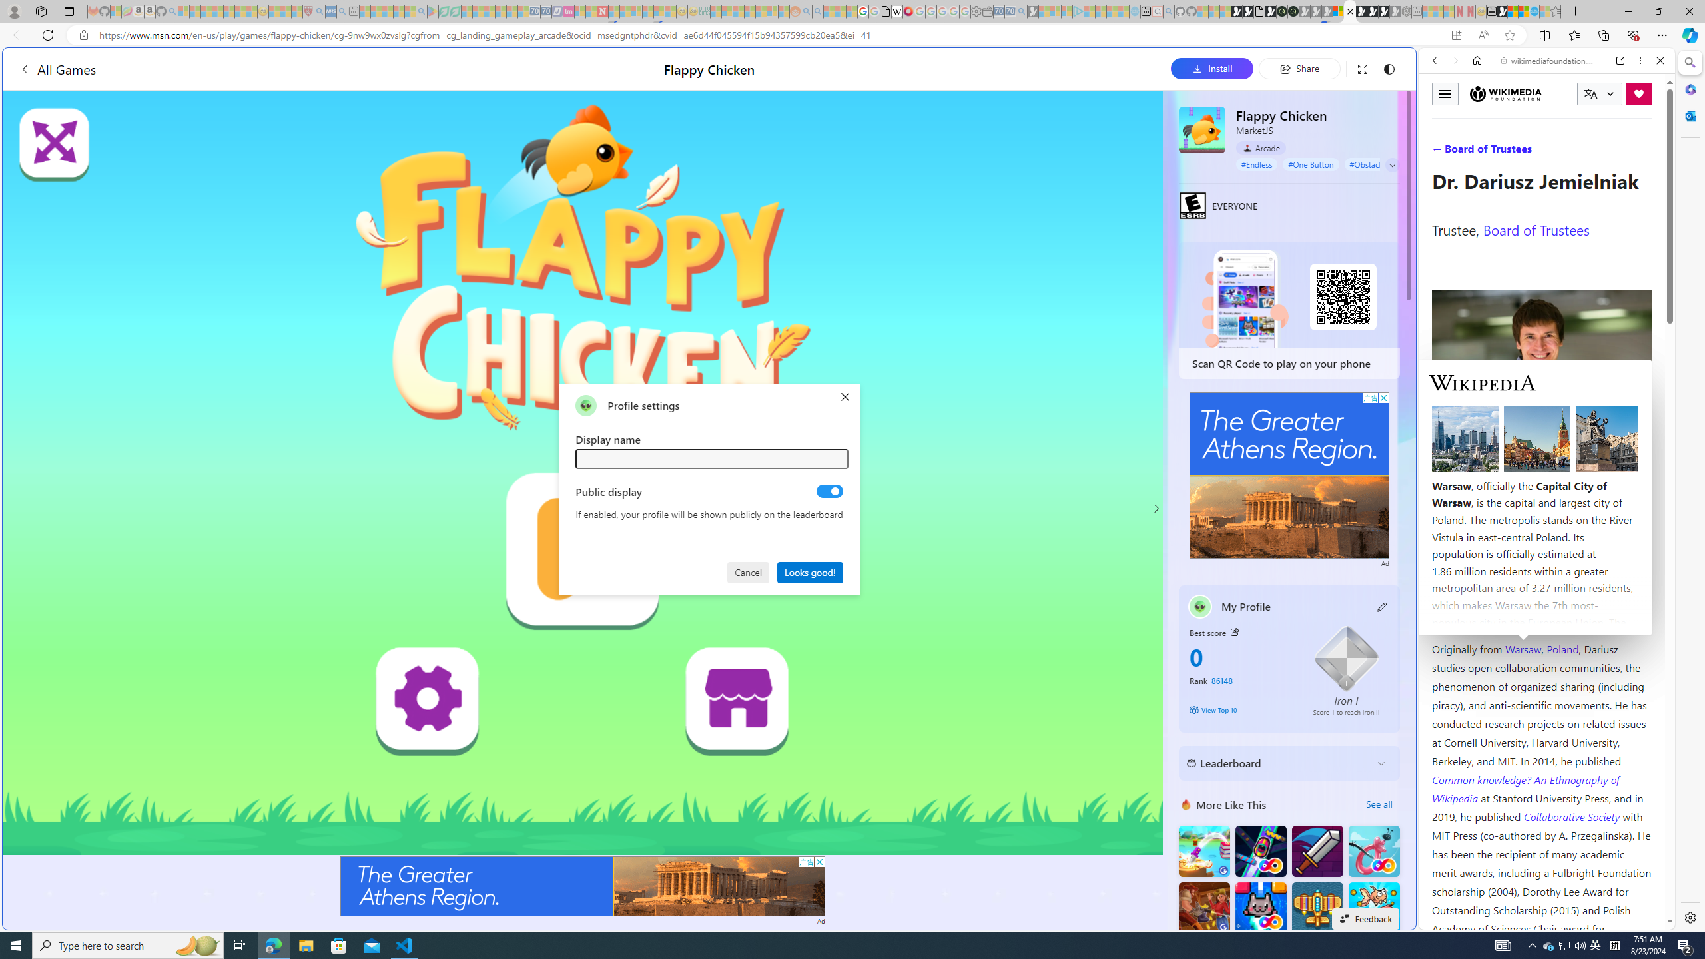 Image resolution: width=1705 pixels, height=959 pixels. What do you see at coordinates (1365, 918) in the screenshot?
I see `'Feedback'` at bounding box center [1365, 918].